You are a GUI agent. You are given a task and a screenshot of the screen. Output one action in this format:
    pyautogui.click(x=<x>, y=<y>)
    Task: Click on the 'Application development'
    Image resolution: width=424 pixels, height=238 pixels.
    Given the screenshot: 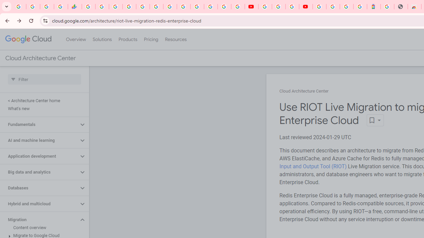 What is the action you would take?
    pyautogui.click(x=39, y=156)
    